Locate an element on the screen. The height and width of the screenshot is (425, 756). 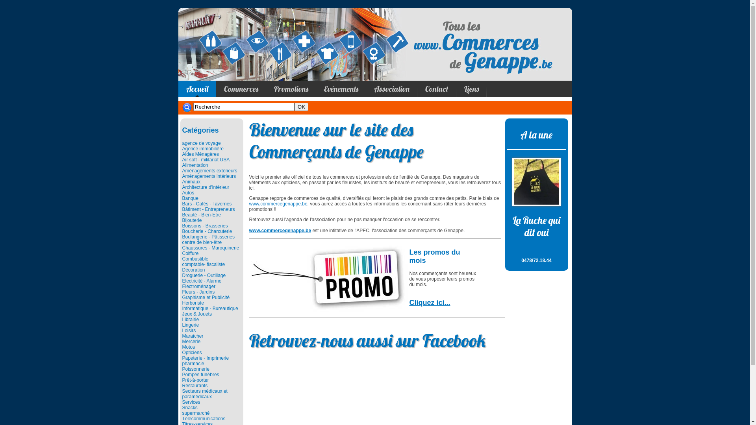
'Boissons - Brasseries' is located at coordinates (204, 226).